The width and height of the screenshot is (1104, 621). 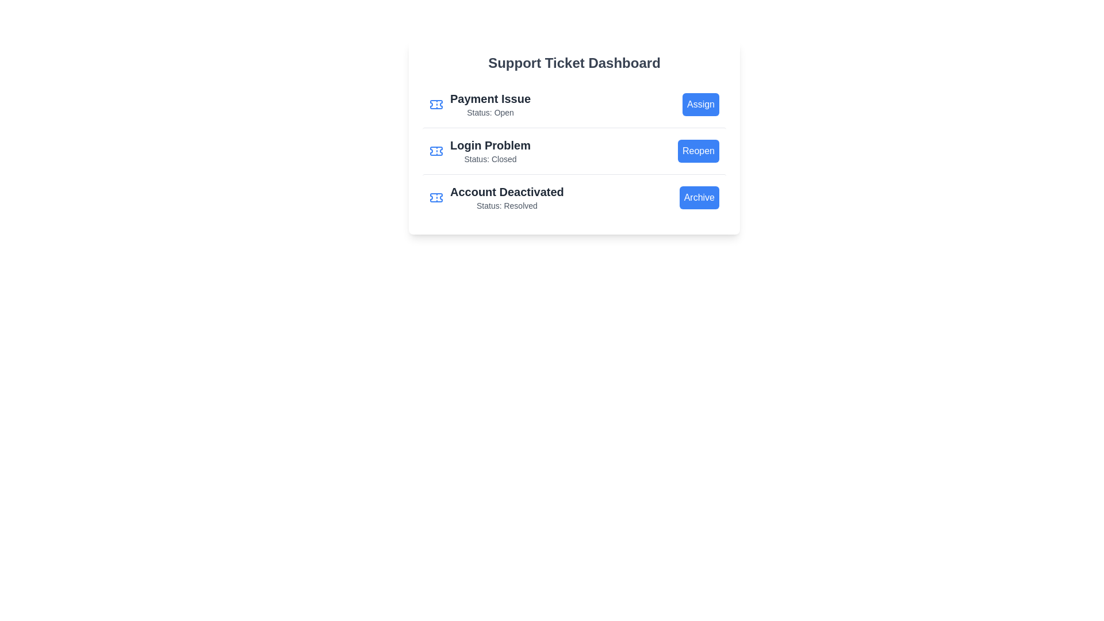 I want to click on the ticket title Payment Issue from the list, so click(x=480, y=104).